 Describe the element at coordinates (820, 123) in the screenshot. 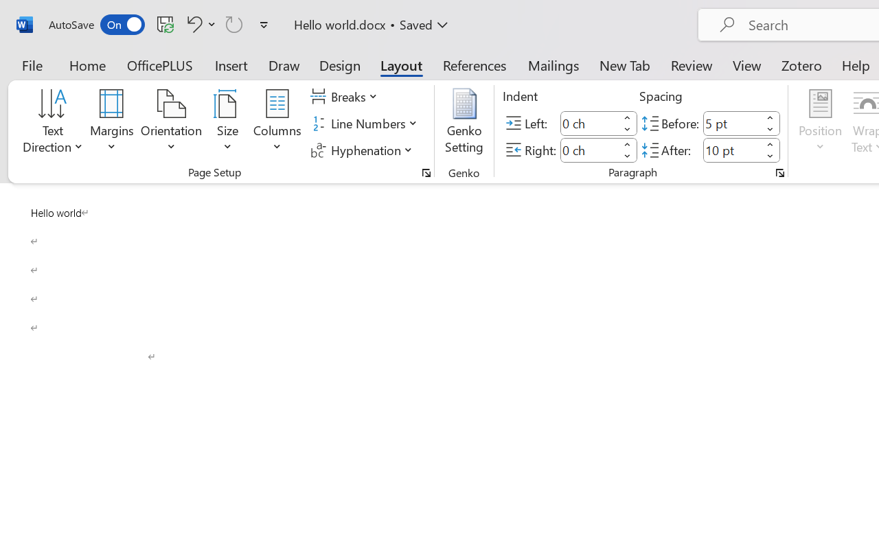

I see `'Position'` at that location.